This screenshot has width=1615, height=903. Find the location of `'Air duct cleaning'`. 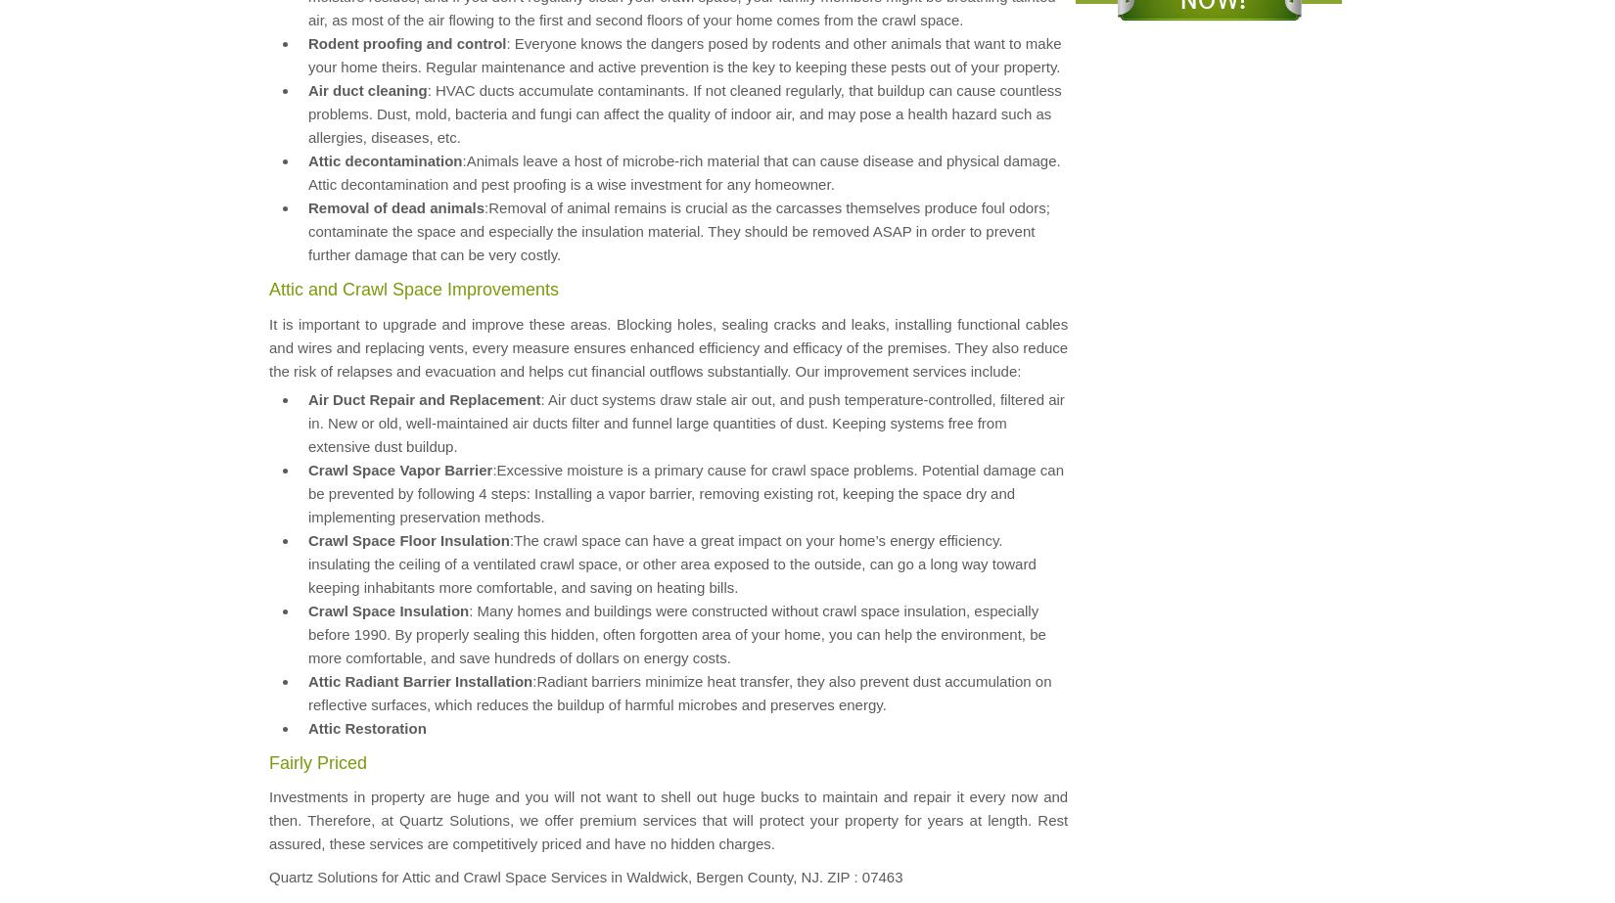

'Air duct cleaning' is located at coordinates (307, 90).